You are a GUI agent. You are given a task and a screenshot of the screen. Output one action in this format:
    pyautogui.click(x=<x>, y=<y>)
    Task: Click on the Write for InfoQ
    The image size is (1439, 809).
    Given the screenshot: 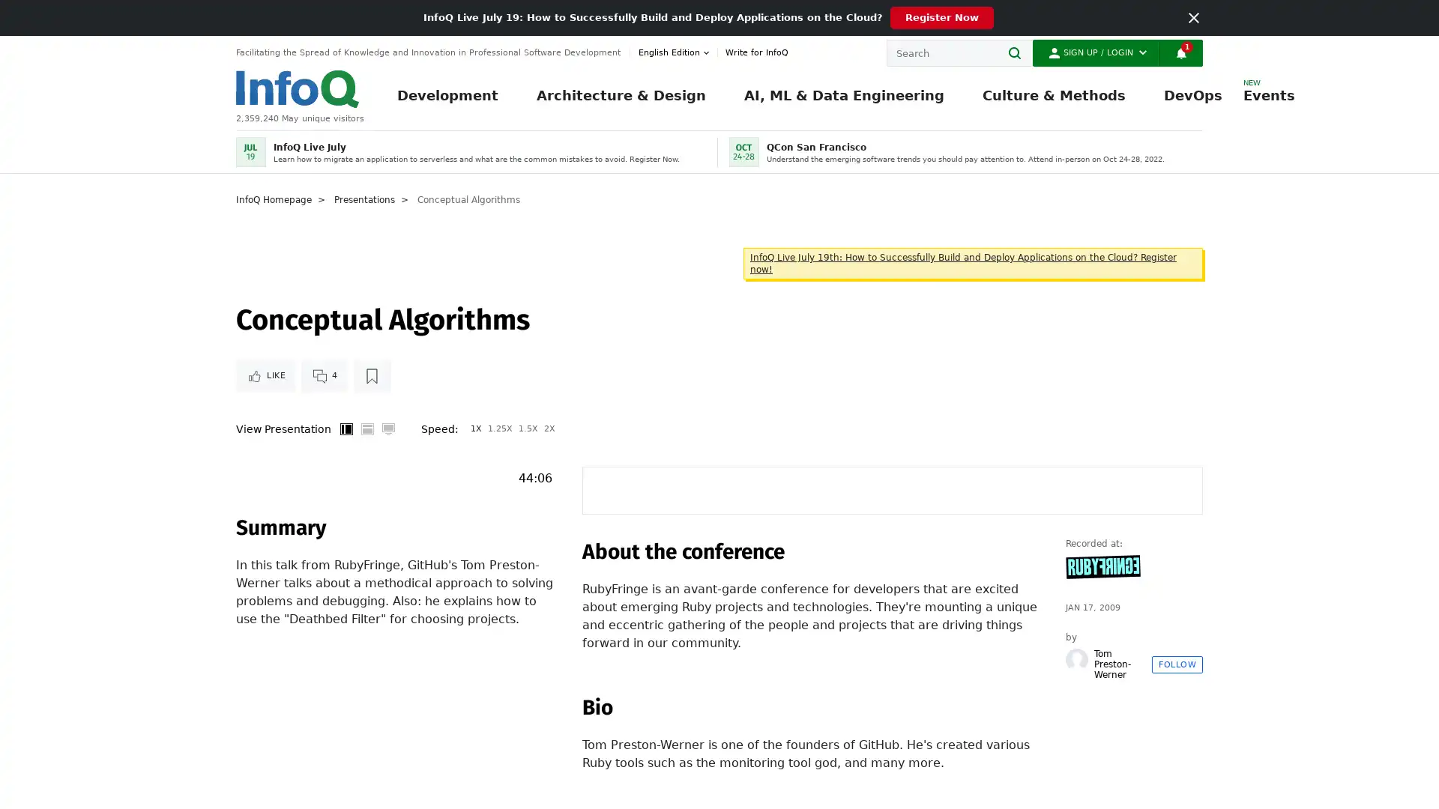 What is the action you would take?
    pyautogui.click(x=752, y=52)
    